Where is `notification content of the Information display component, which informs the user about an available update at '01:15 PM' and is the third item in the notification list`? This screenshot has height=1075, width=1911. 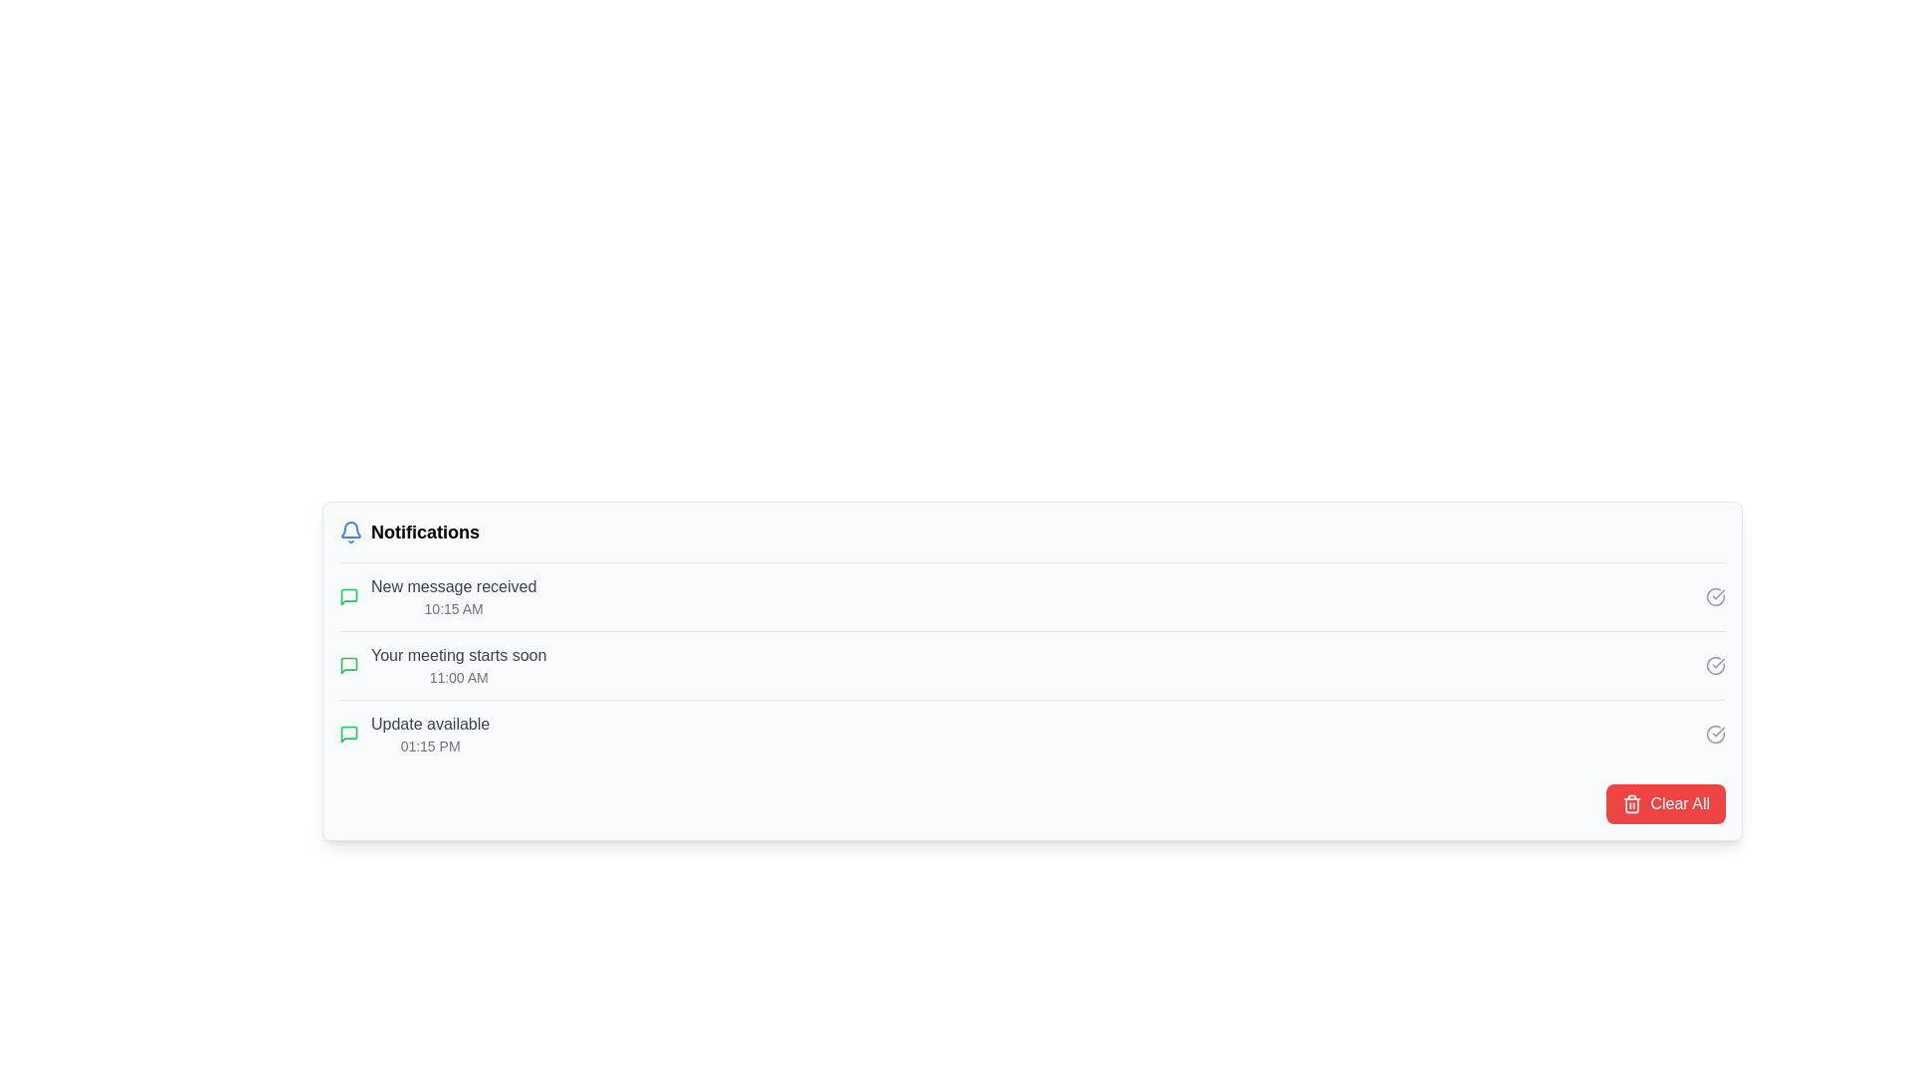 notification content of the Information display component, which informs the user about an available update at '01:15 PM' and is the third item in the notification list is located at coordinates (413, 734).